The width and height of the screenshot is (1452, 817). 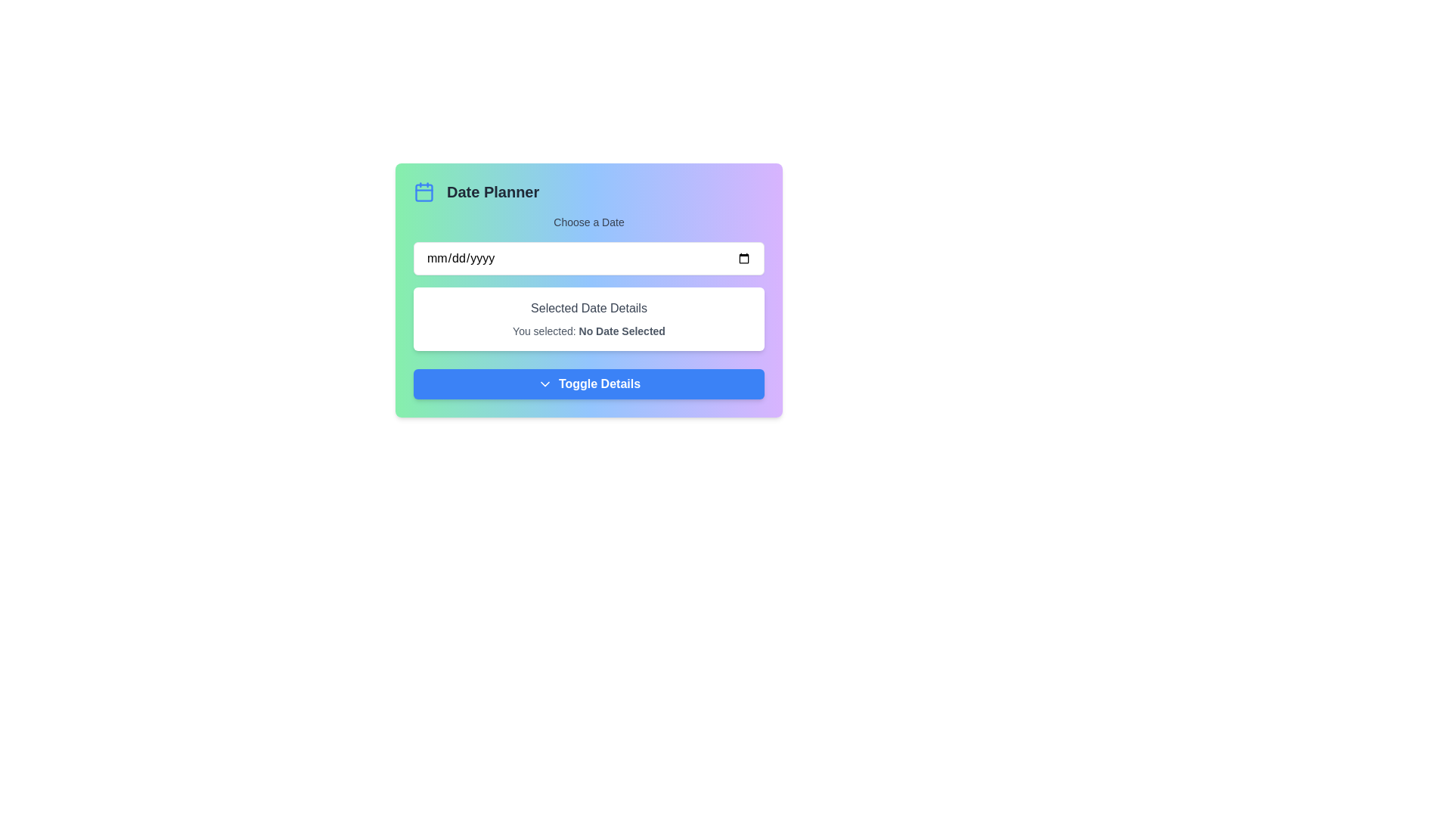 I want to click on the Text Label that indicates the section contains details about the selected date, which is positioned at the top of the white box preceding the text 'You selected: No Date Selected', so click(x=588, y=308).